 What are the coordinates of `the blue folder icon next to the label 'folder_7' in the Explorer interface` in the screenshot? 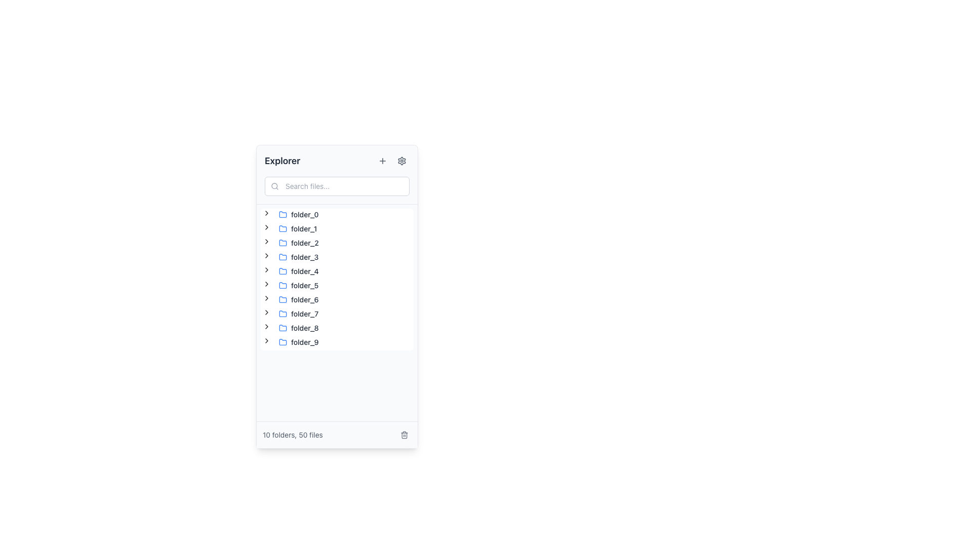 It's located at (282, 312).